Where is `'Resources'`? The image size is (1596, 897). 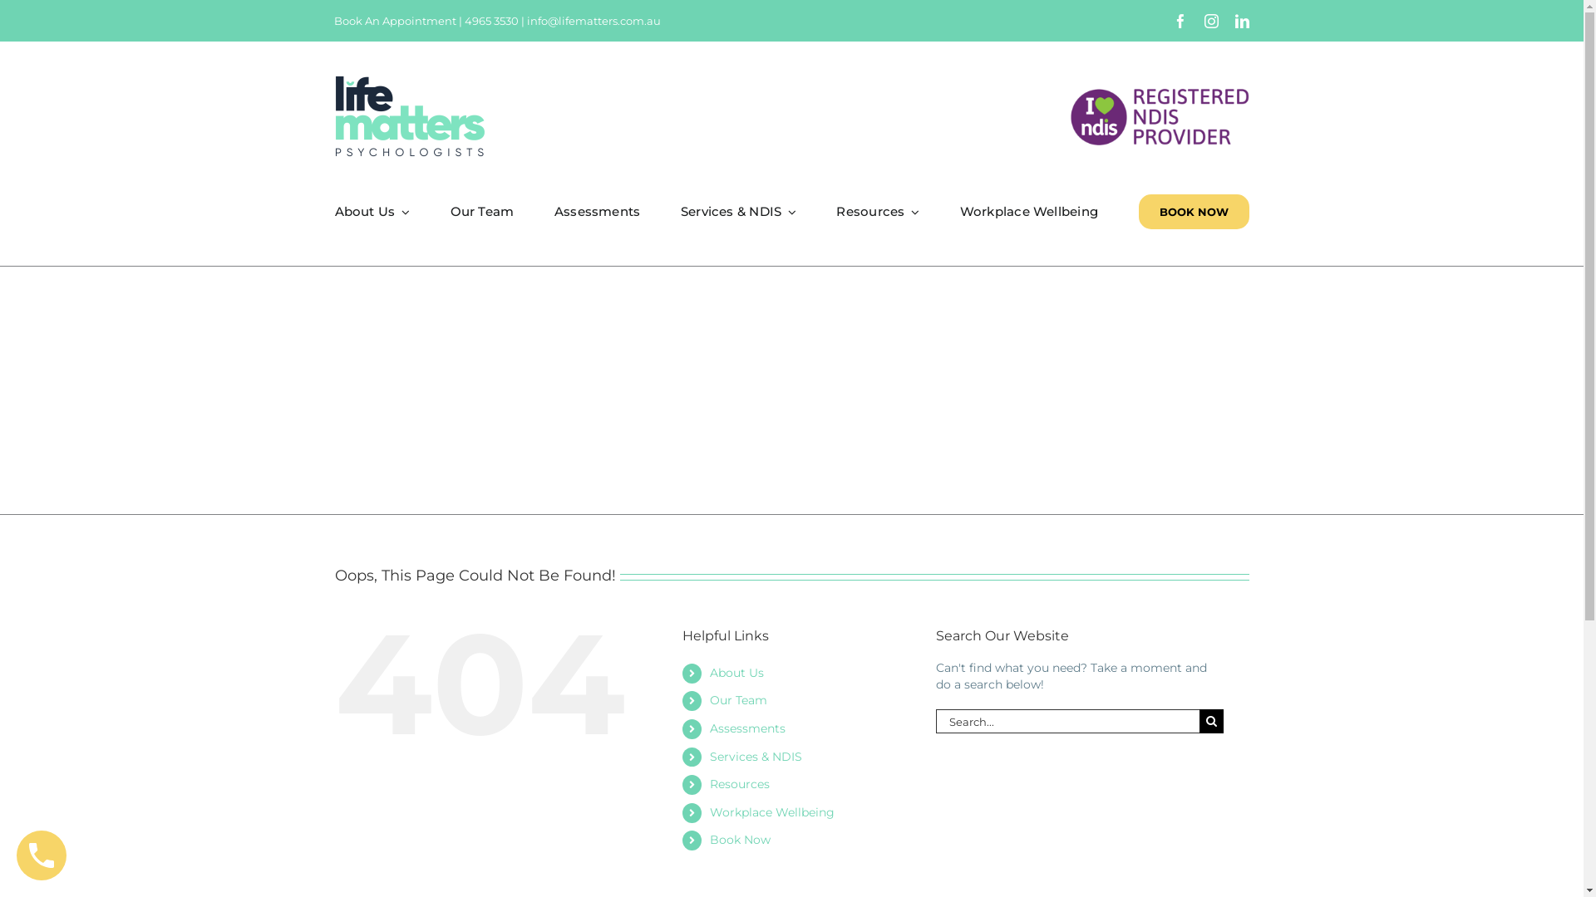 'Resources' is located at coordinates (738, 784).